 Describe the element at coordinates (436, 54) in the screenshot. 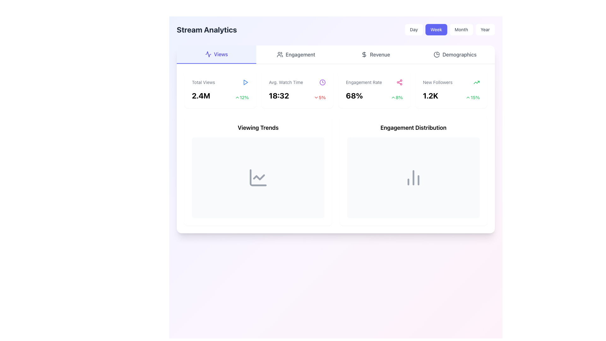

I see `the pie chart icon in the top navigation bar, which represents the 'Demographics' option` at that location.